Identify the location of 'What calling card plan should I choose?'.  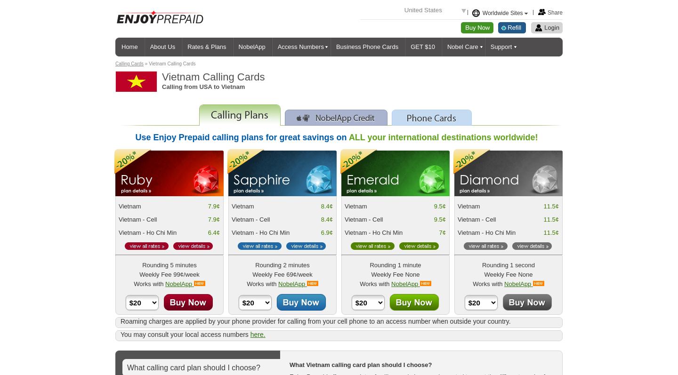
(193, 367).